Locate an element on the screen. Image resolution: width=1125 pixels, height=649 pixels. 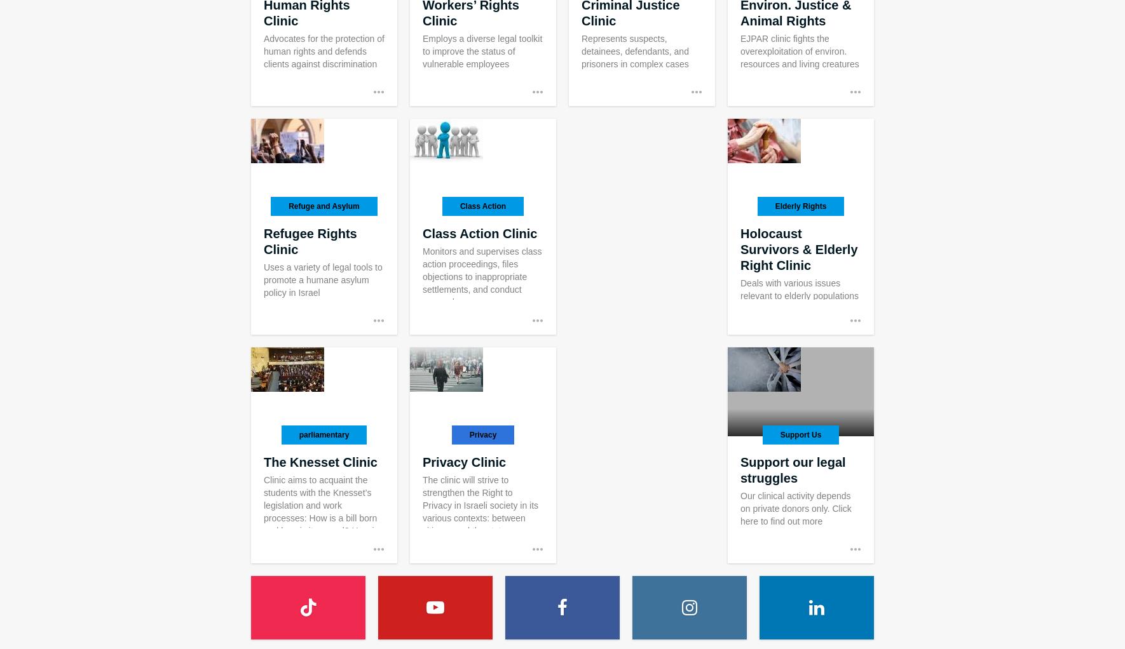
'Promote social activism' is located at coordinates (275, 380).